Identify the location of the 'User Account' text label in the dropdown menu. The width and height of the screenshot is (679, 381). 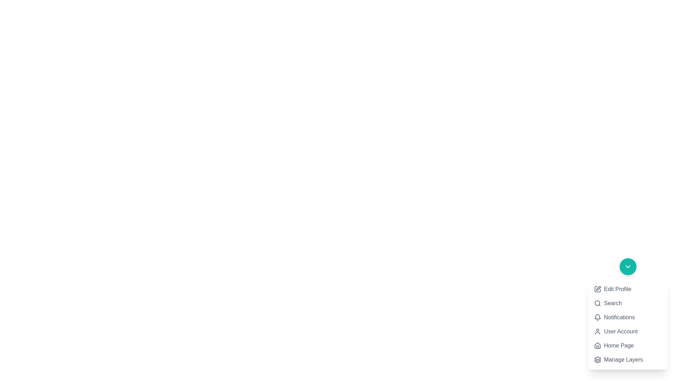
(620, 332).